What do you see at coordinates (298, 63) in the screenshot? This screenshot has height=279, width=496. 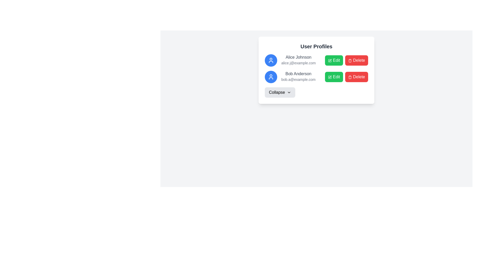 I see `the non-interactive email address display field for the user 'Alice Johnson', which is located beneath the text 'Alice Johnson' in the user profile block` at bounding box center [298, 63].